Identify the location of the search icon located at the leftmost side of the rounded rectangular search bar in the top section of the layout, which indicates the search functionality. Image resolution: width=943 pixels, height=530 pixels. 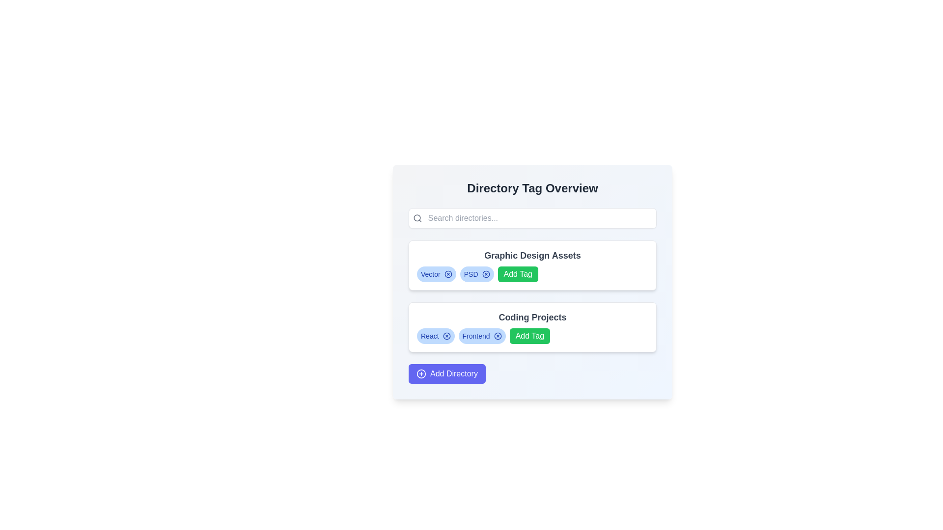
(417, 217).